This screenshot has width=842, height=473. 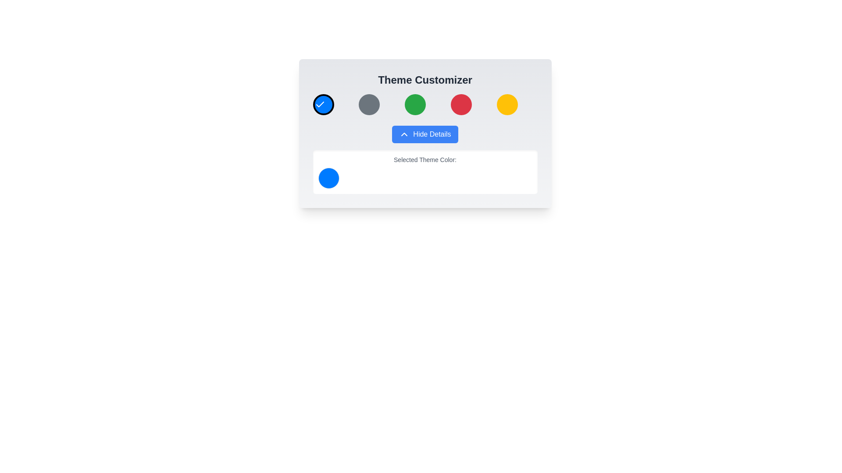 What do you see at coordinates (415, 104) in the screenshot?
I see `the fourth circular green button with a smooth border located below the 'Theme Customizer' title to observe the hover effect` at bounding box center [415, 104].